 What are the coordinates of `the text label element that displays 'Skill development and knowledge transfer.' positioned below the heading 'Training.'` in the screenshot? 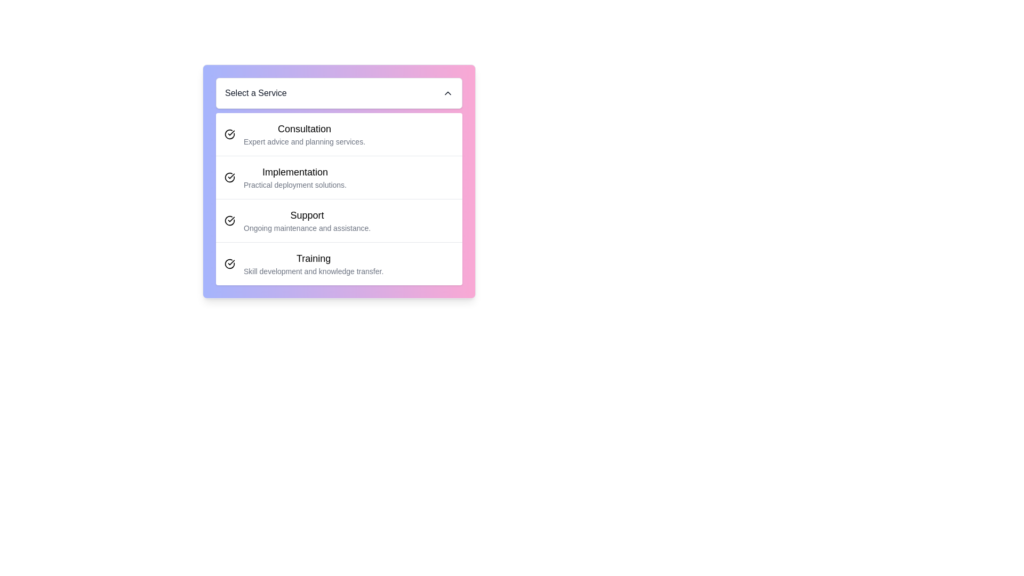 It's located at (313, 271).